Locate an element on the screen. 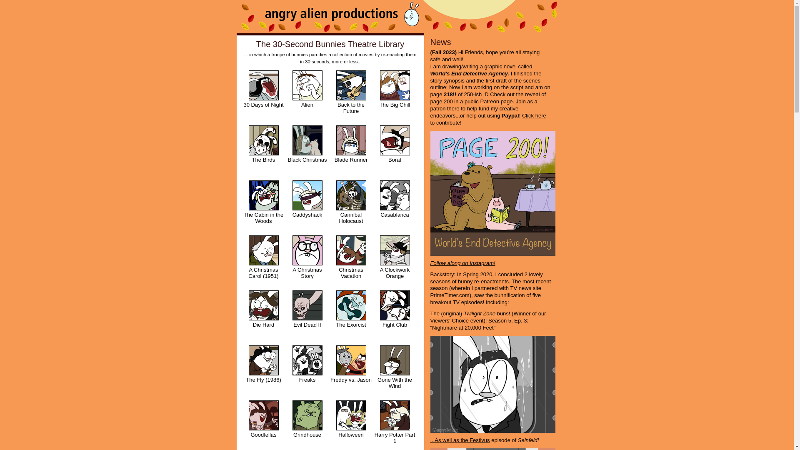  'Die Hard' is located at coordinates (263, 316).